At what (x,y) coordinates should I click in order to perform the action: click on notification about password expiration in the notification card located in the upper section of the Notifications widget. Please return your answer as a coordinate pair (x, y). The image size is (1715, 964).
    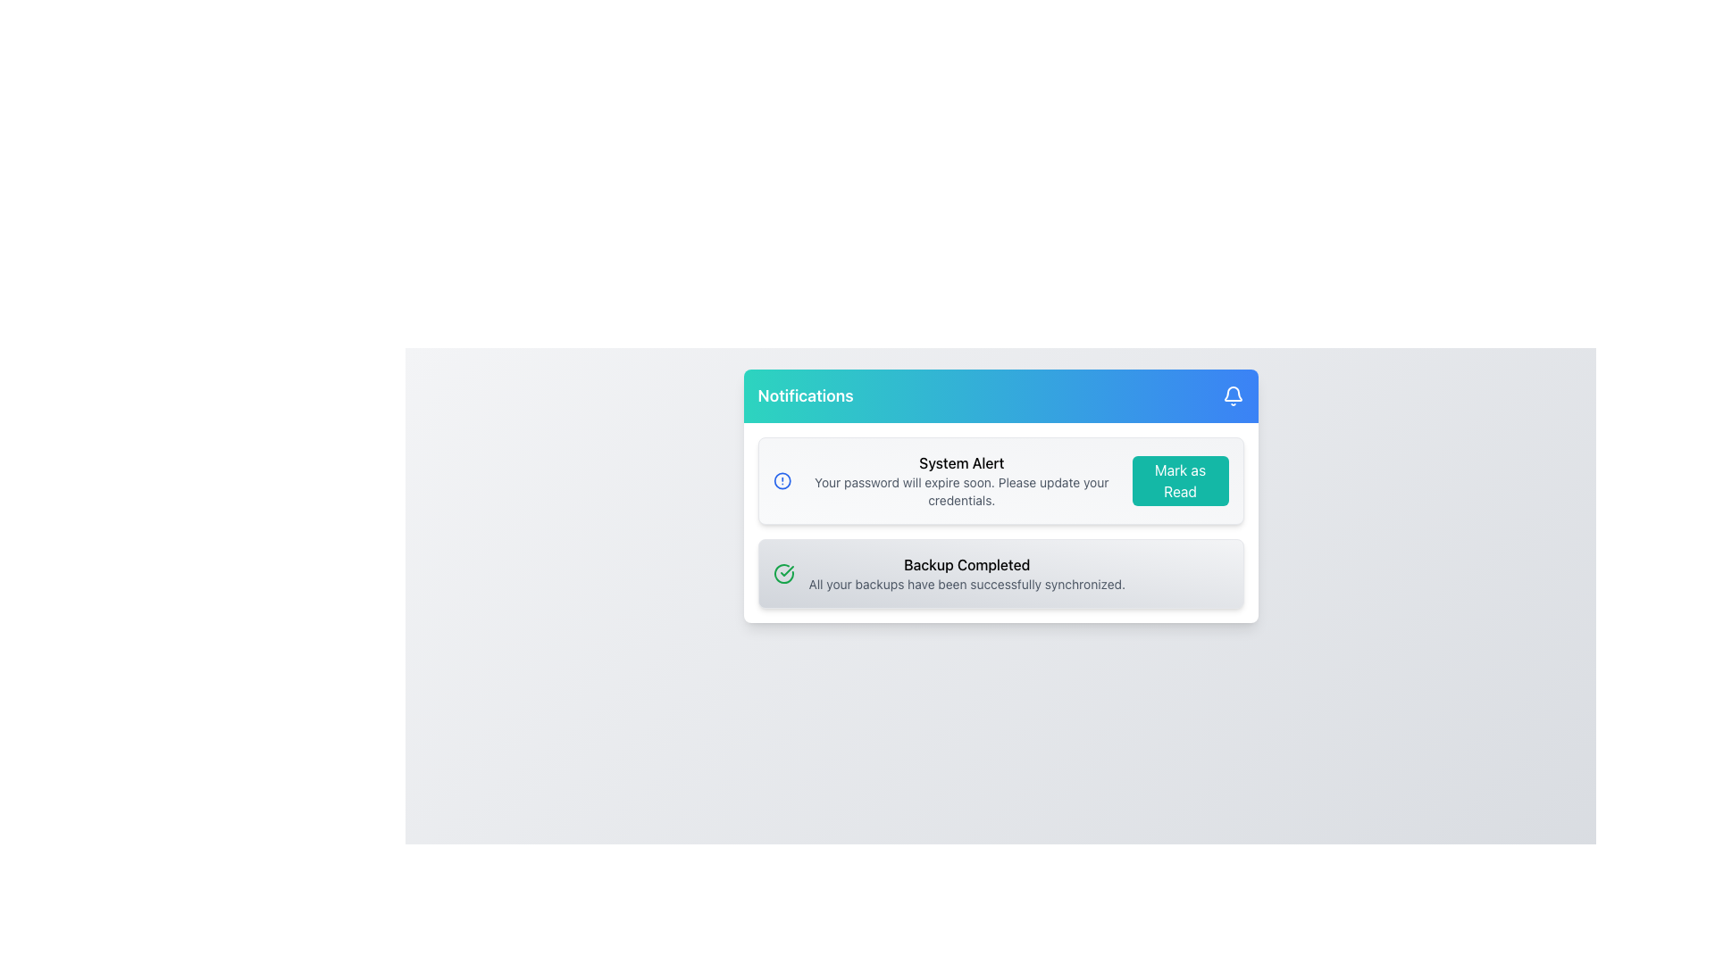
    Looking at the image, I should click on (960, 480).